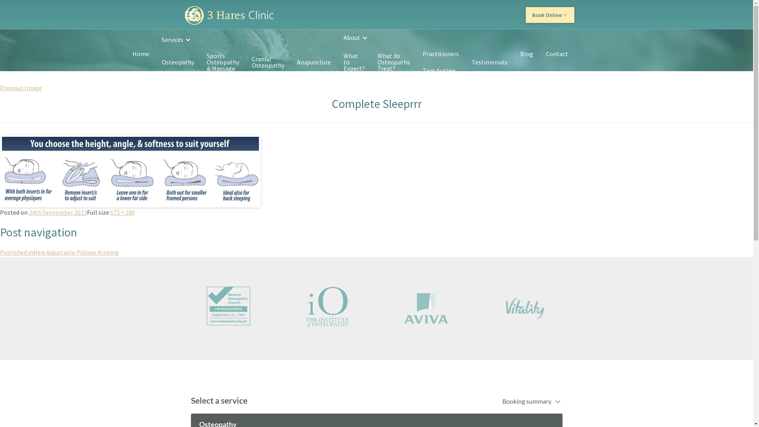  What do you see at coordinates (267, 62) in the screenshot?
I see `'Cranial Osteopathy'` at bounding box center [267, 62].